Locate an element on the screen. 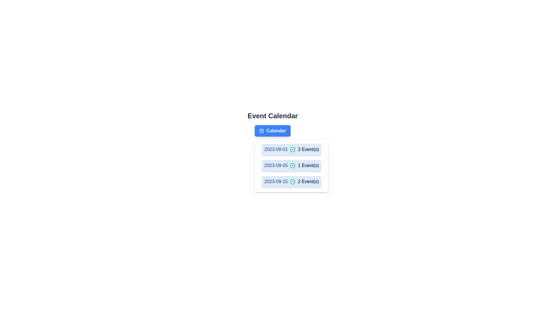  the first list item with a light blue background, containing the date '2023-09-01' and a description '3 Event(s)' is located at coordinates (292, 149).